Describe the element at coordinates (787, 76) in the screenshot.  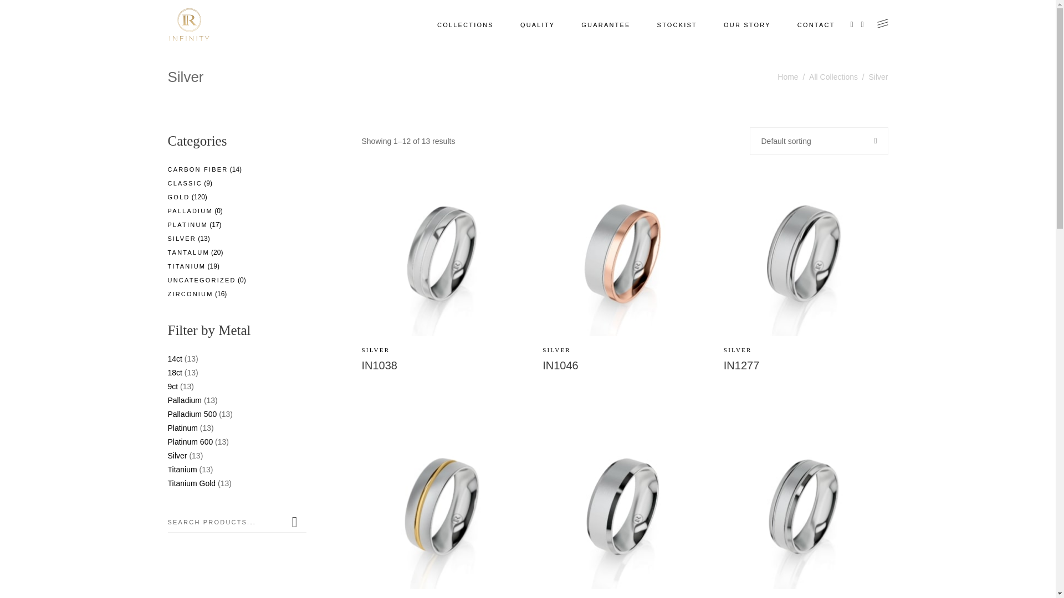
I see `'Home'` at that location.